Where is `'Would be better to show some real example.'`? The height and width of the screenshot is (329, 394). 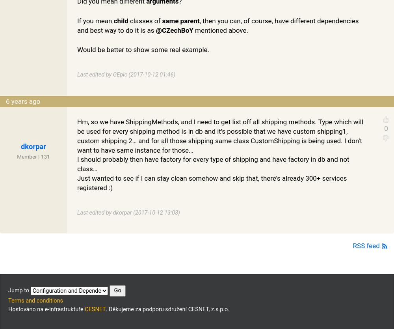
'Would be better to show some real example.' is located at coordinates (77, 49).